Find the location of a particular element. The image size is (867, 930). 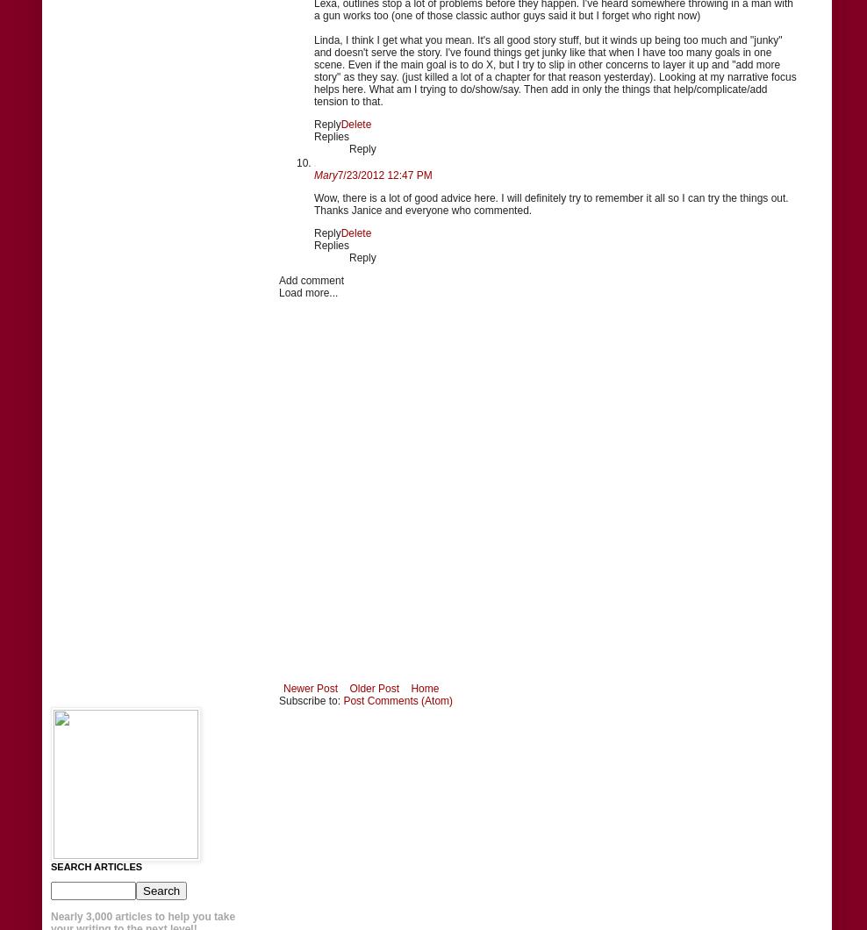

'Add comment' is located at coordinates (311, 279).